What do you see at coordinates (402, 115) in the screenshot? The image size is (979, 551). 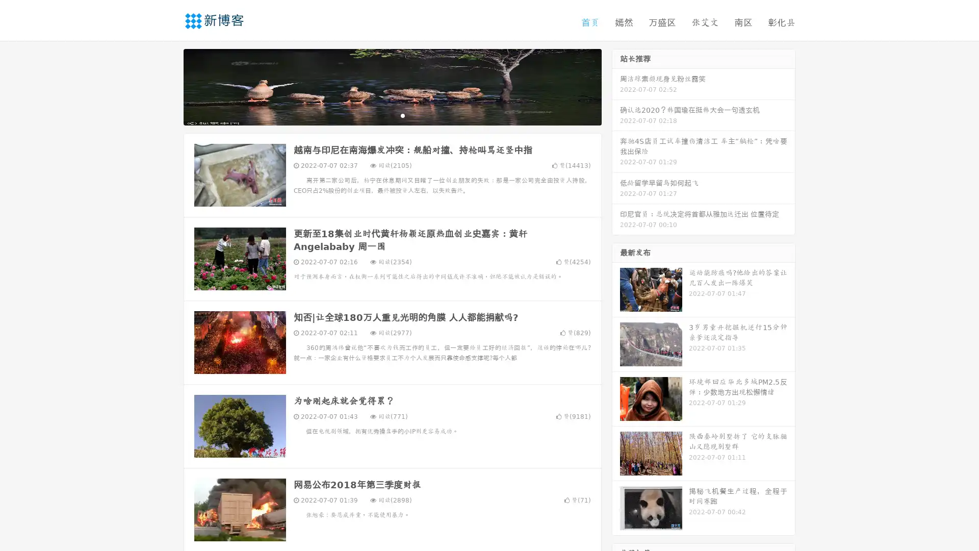 I see `Go to slide 3` at bounding box center [402, 115].